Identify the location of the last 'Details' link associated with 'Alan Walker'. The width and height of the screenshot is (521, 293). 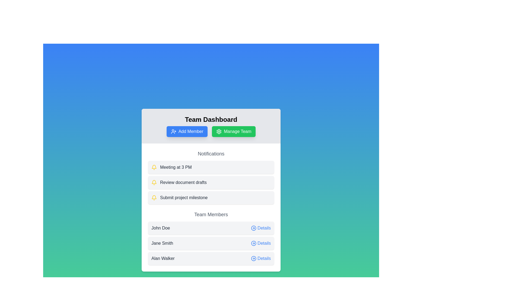
(261, 258).